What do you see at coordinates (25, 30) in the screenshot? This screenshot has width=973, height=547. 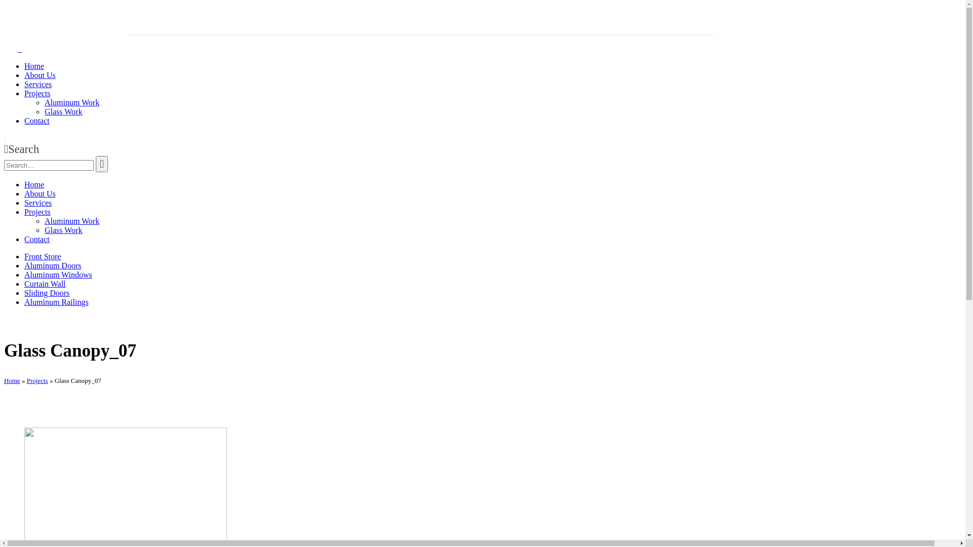 I see `'Get A Quote'` at bounding box center [25, 30].